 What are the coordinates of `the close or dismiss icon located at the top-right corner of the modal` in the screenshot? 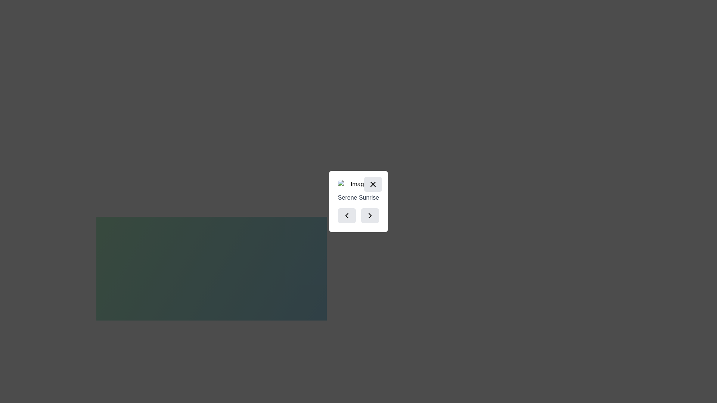 It's located at (373, 184).